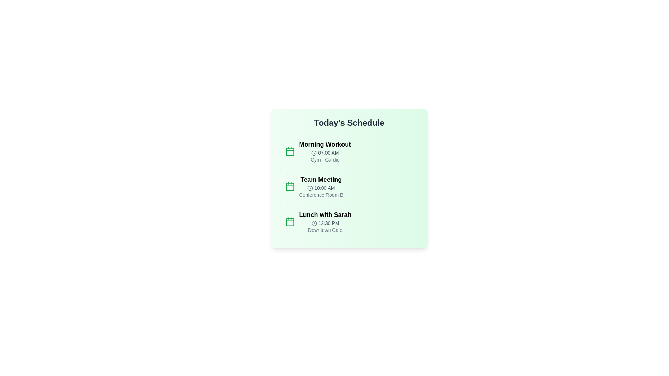 This screenshot has height=376, width=669. Describe the element at coordinates (349, 151) in the screenshot. I see `the event item for Morning Workout` at that location.